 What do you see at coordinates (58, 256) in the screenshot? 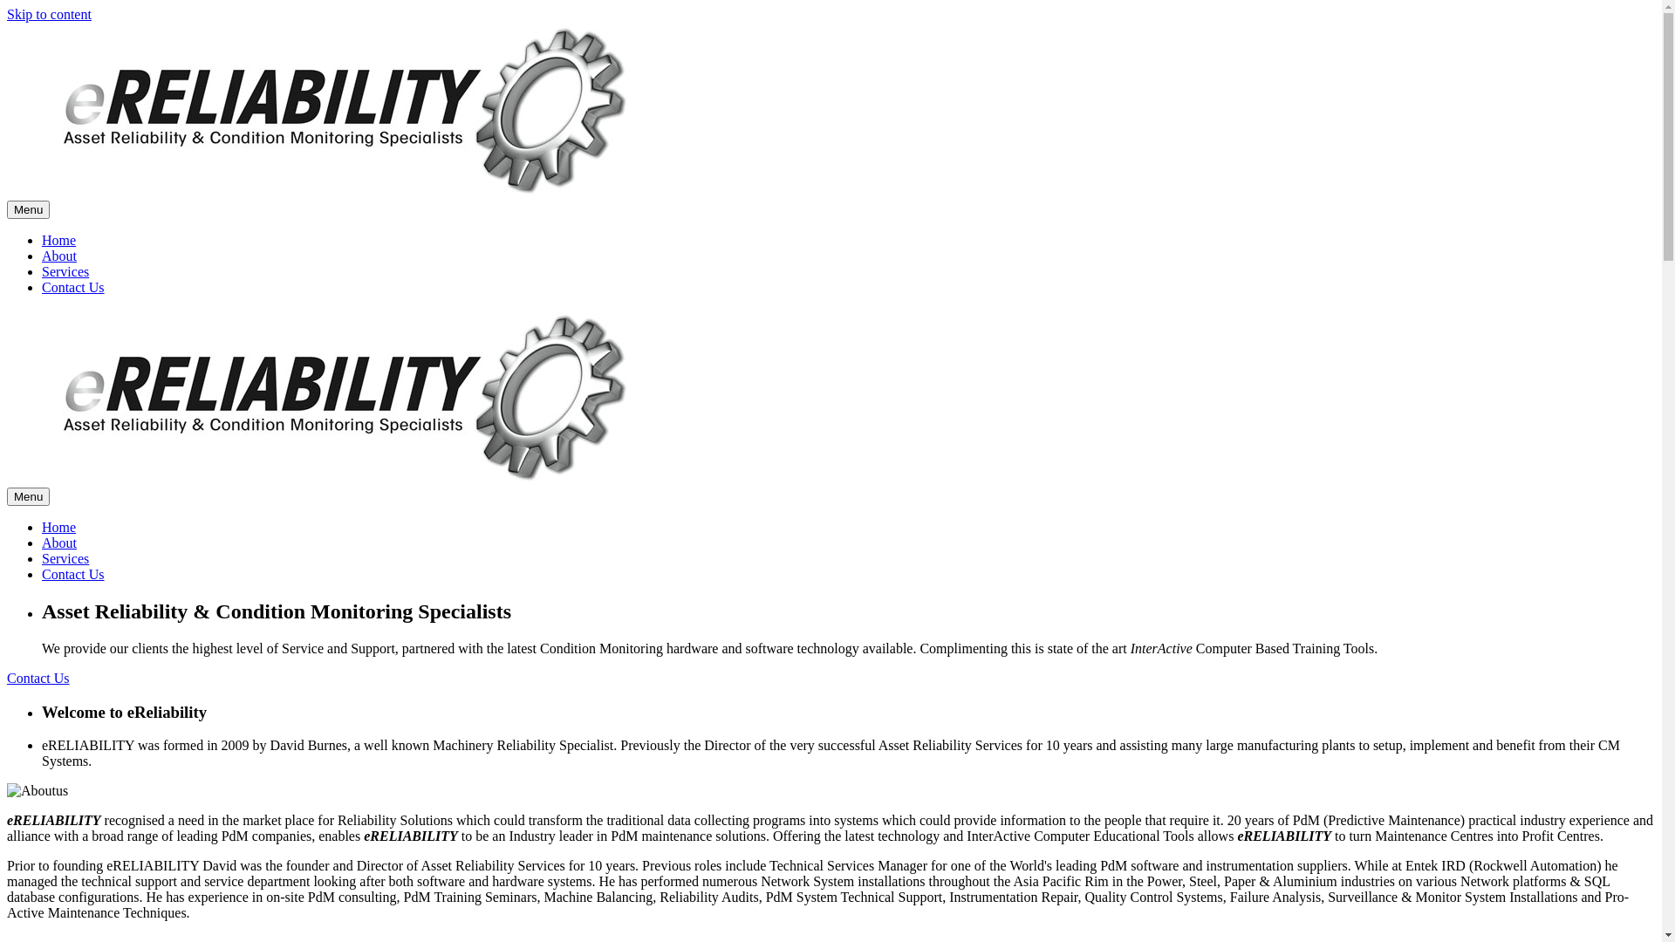
I see `'About'` at bounding box center [58, 256].